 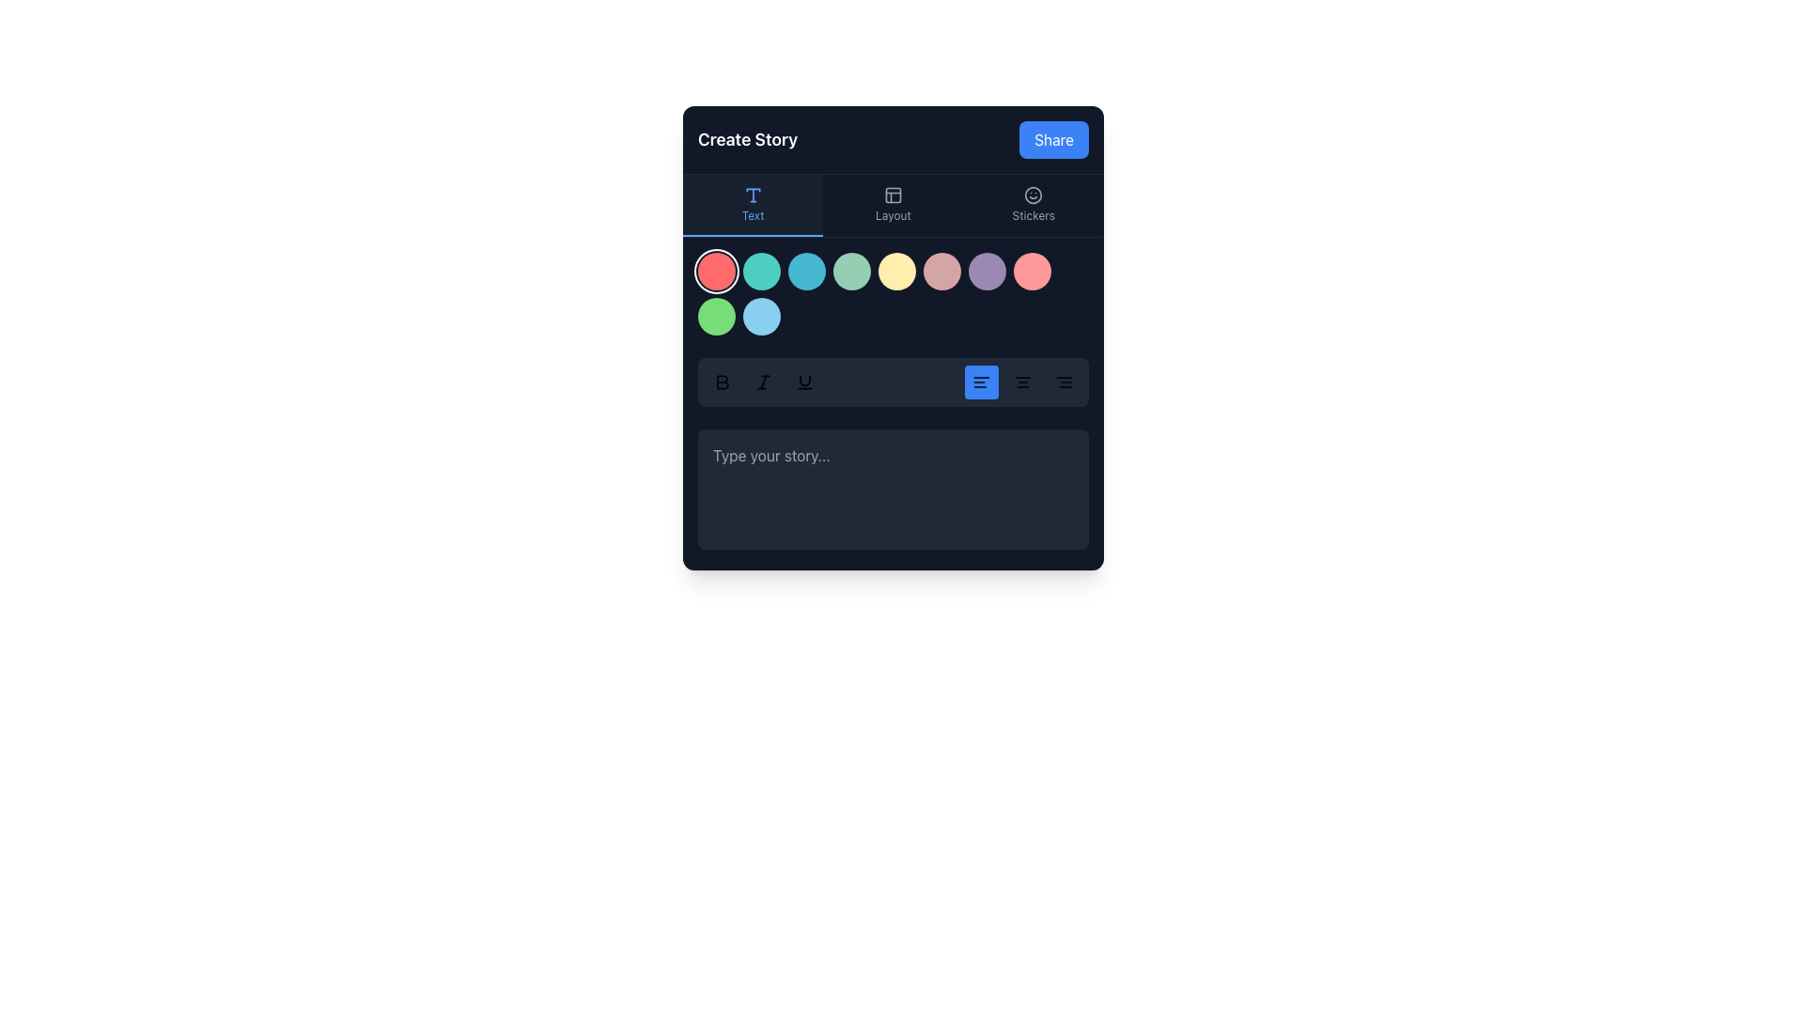 What do you see at coordinates (892, 195) in the screenshot?
I see `the layout icon` at bounding box center [892, 195].